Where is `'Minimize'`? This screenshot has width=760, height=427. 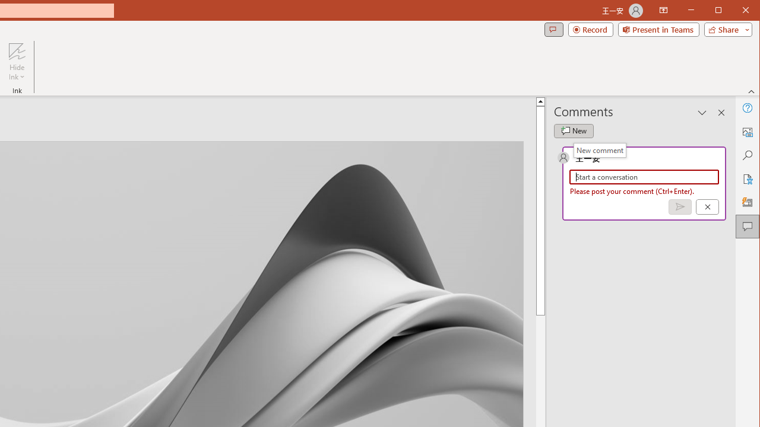
'Minimize' is located at coordinates (721, 11).